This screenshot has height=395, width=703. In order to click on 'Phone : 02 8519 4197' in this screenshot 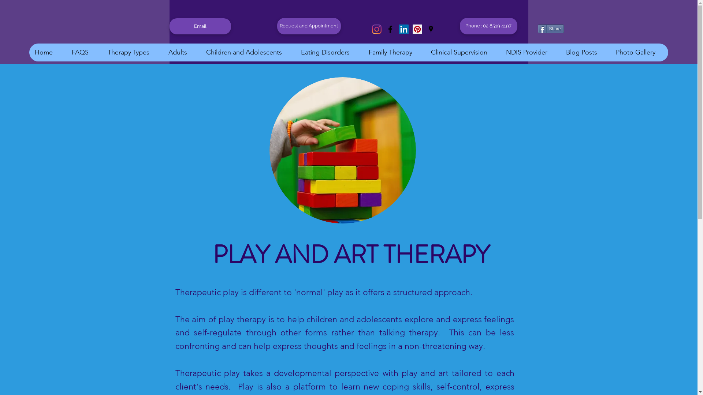, I will do `click(488, 26)`.